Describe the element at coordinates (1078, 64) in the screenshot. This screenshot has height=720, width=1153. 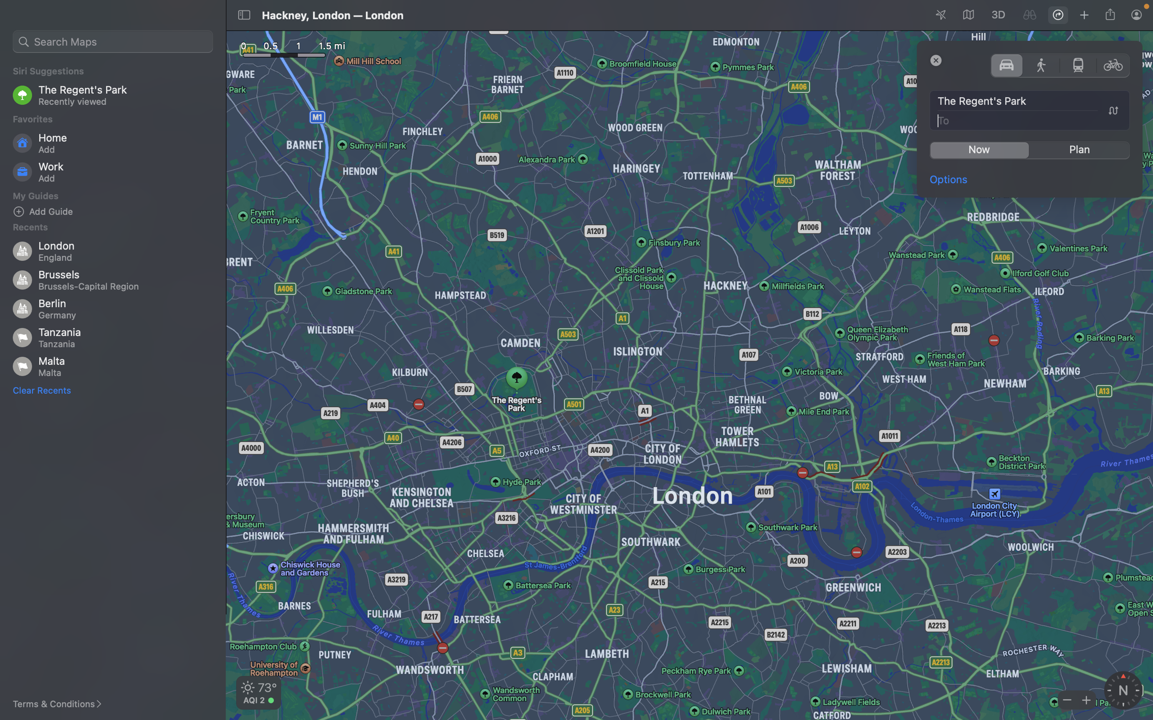
I see `transportation mode to public transit` at that location.